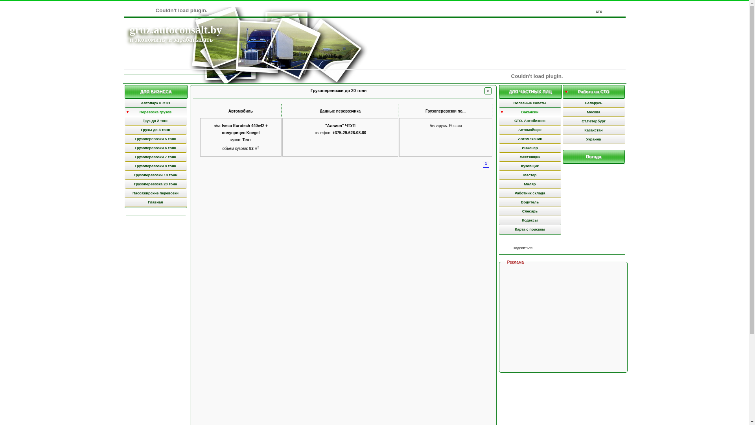 This screenshot has height=425, width=755. I want to click on 'LiveJournal', so click(581, 249).